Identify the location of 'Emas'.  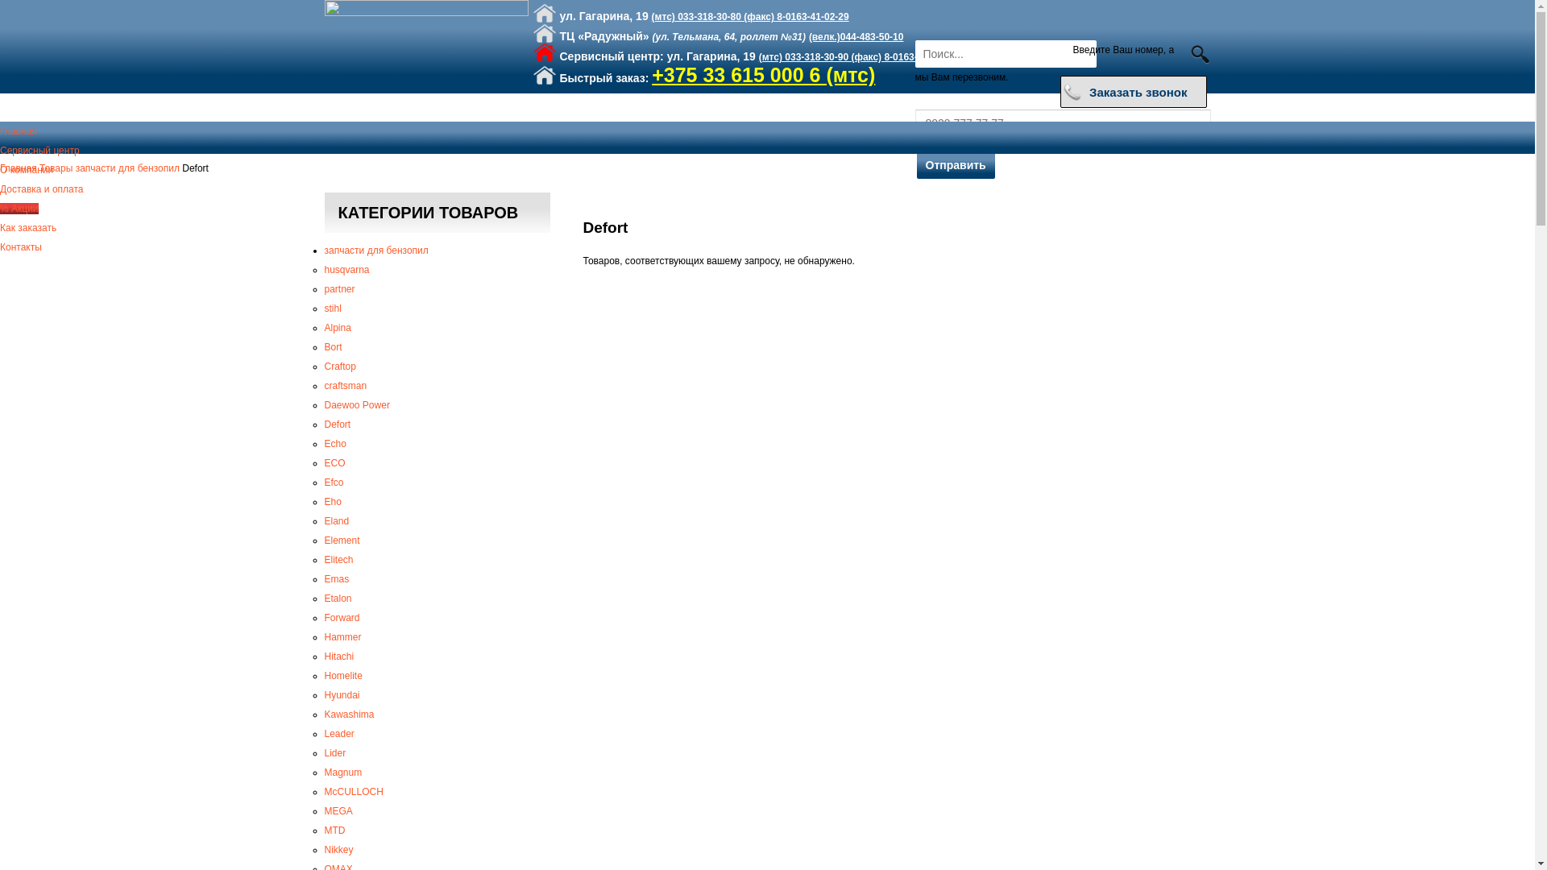
(335, 578).